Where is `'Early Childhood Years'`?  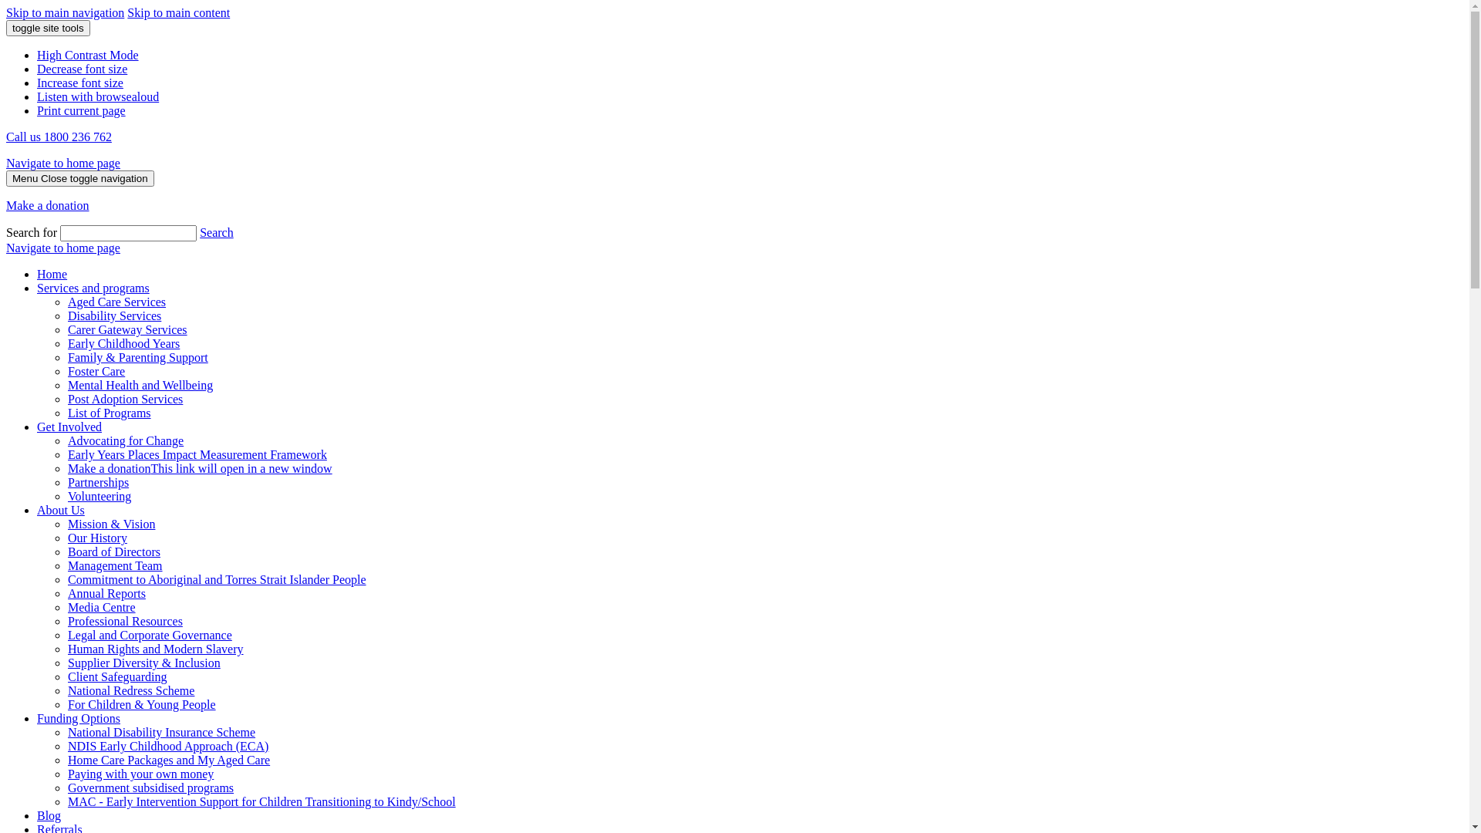
'Early Childhood Years' is located at coordinates (66, 342).